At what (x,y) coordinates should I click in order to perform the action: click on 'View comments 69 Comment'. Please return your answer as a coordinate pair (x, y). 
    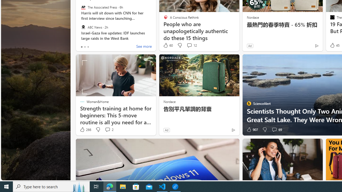
    Looking at the image, I should click on (274, 130).